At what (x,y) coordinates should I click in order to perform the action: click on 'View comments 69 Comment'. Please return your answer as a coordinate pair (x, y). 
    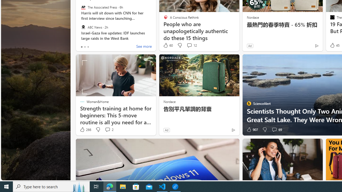
    Looking at the image, I should click on (274, 130).